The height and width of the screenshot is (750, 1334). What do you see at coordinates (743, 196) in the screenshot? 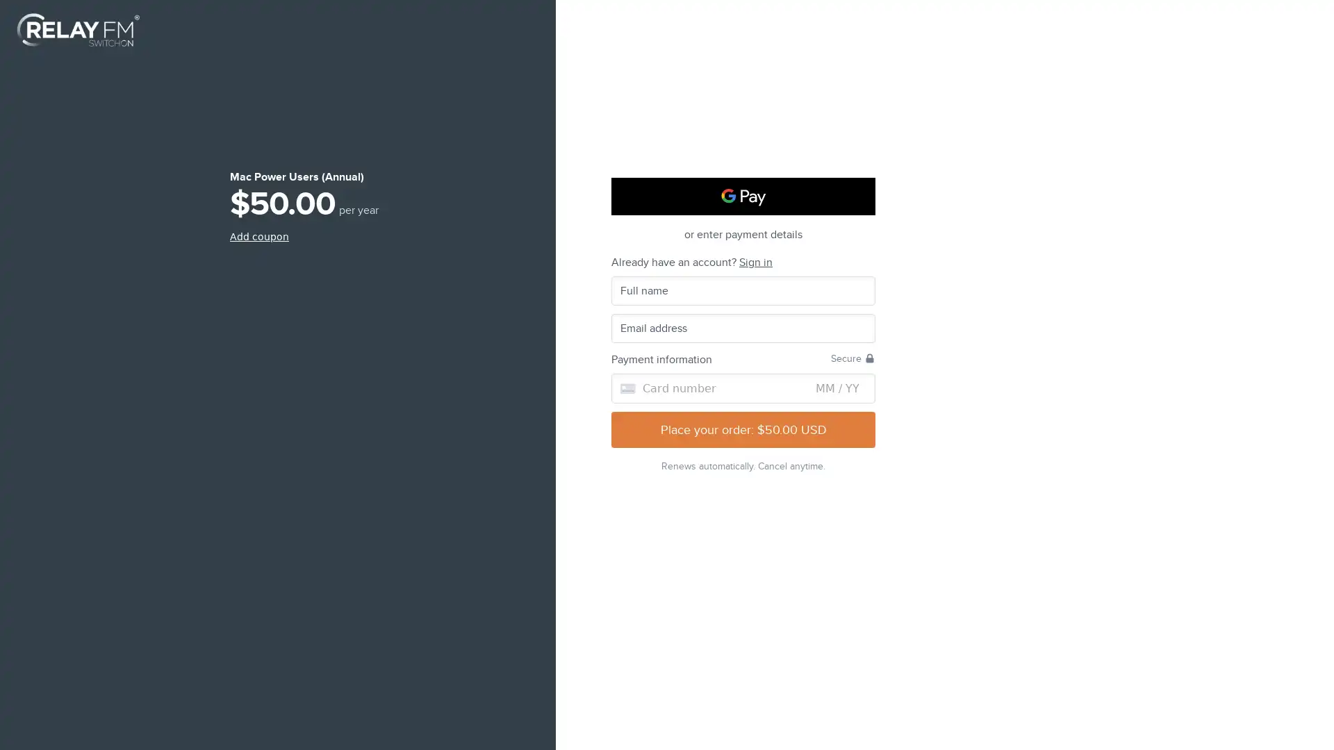
I see `Google Pay` at bounding box center [743, 196].